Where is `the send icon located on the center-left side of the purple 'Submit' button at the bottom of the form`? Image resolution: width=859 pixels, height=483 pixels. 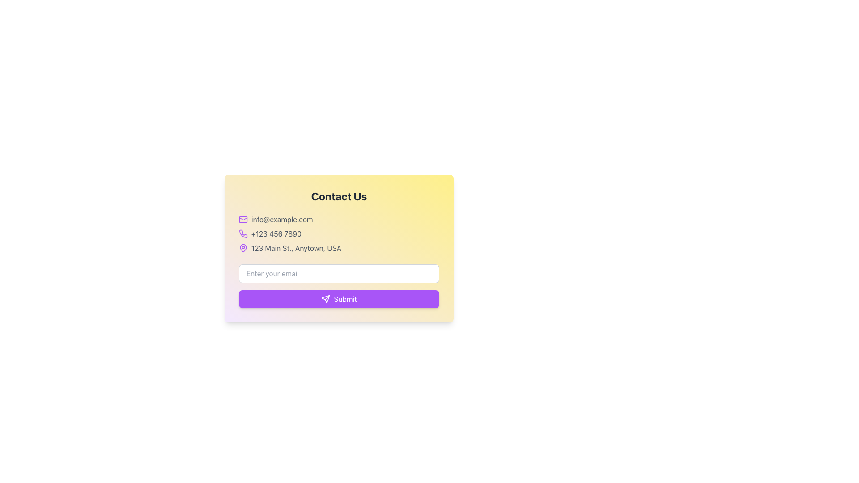
the send icon located on the center-left side of the purple 'Submit' button at the bottom of the form is located at coordinates (325, 299).